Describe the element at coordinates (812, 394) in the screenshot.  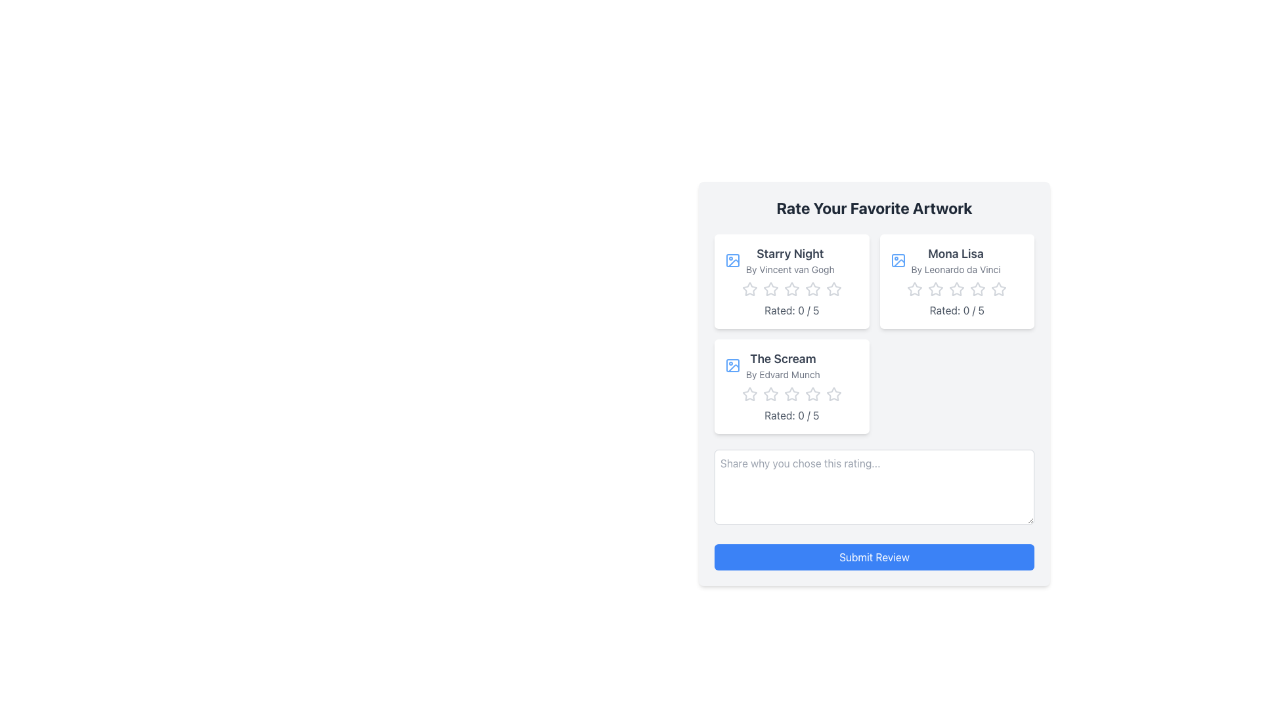
I see `the fourth star` at that location.